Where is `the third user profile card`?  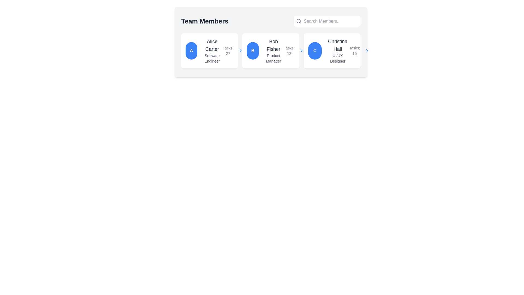 the third user profile card is located at coordinates (332, 51).